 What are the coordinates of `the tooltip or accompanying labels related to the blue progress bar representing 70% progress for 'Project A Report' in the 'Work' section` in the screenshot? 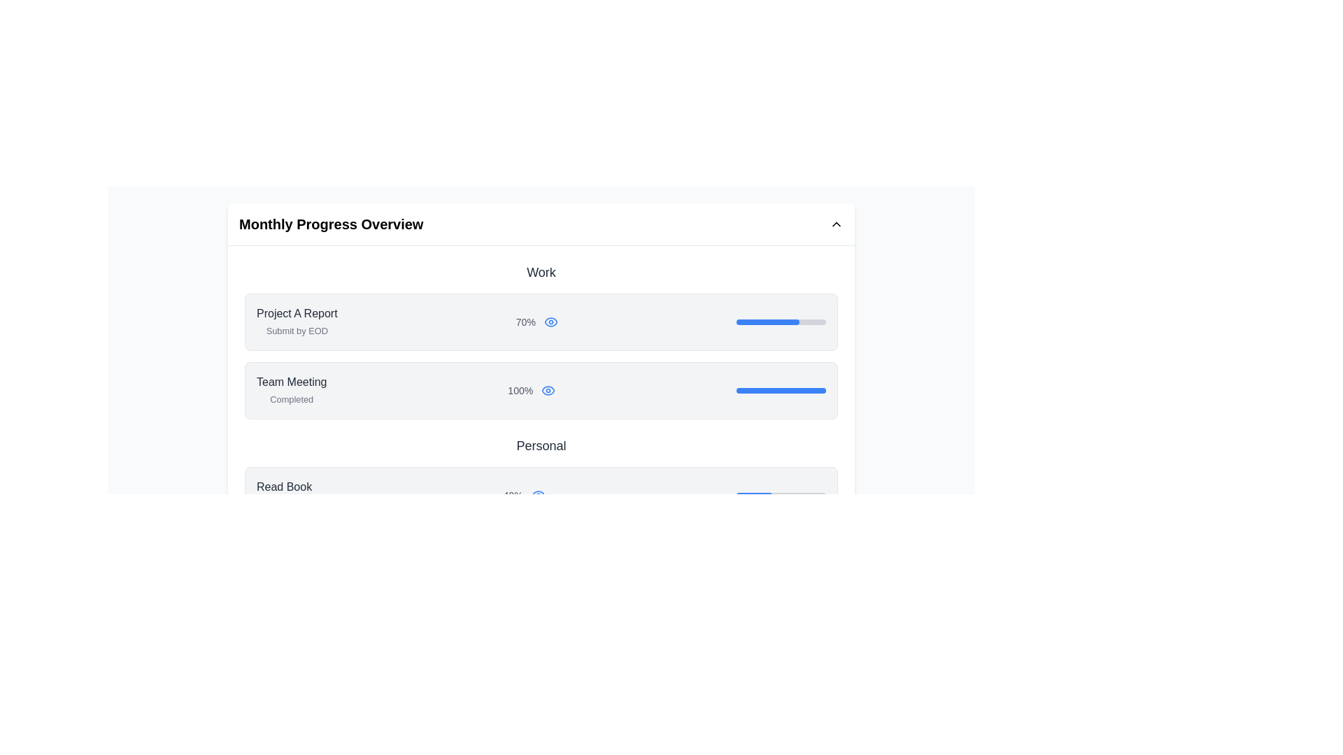 It's located at (767, 322).